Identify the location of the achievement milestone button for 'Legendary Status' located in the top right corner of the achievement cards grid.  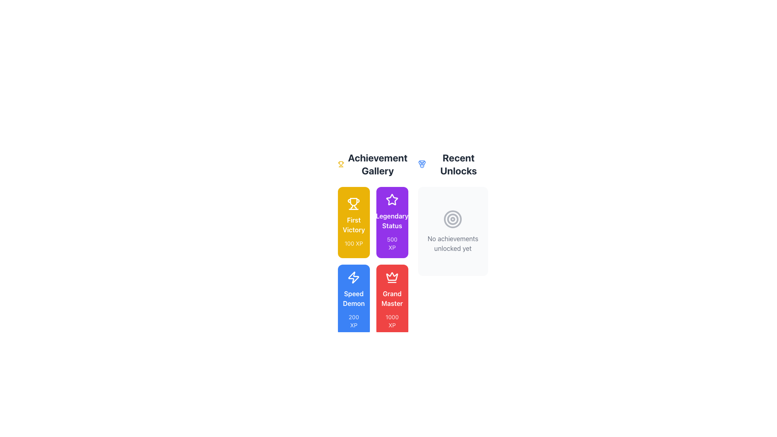
(392, 223).